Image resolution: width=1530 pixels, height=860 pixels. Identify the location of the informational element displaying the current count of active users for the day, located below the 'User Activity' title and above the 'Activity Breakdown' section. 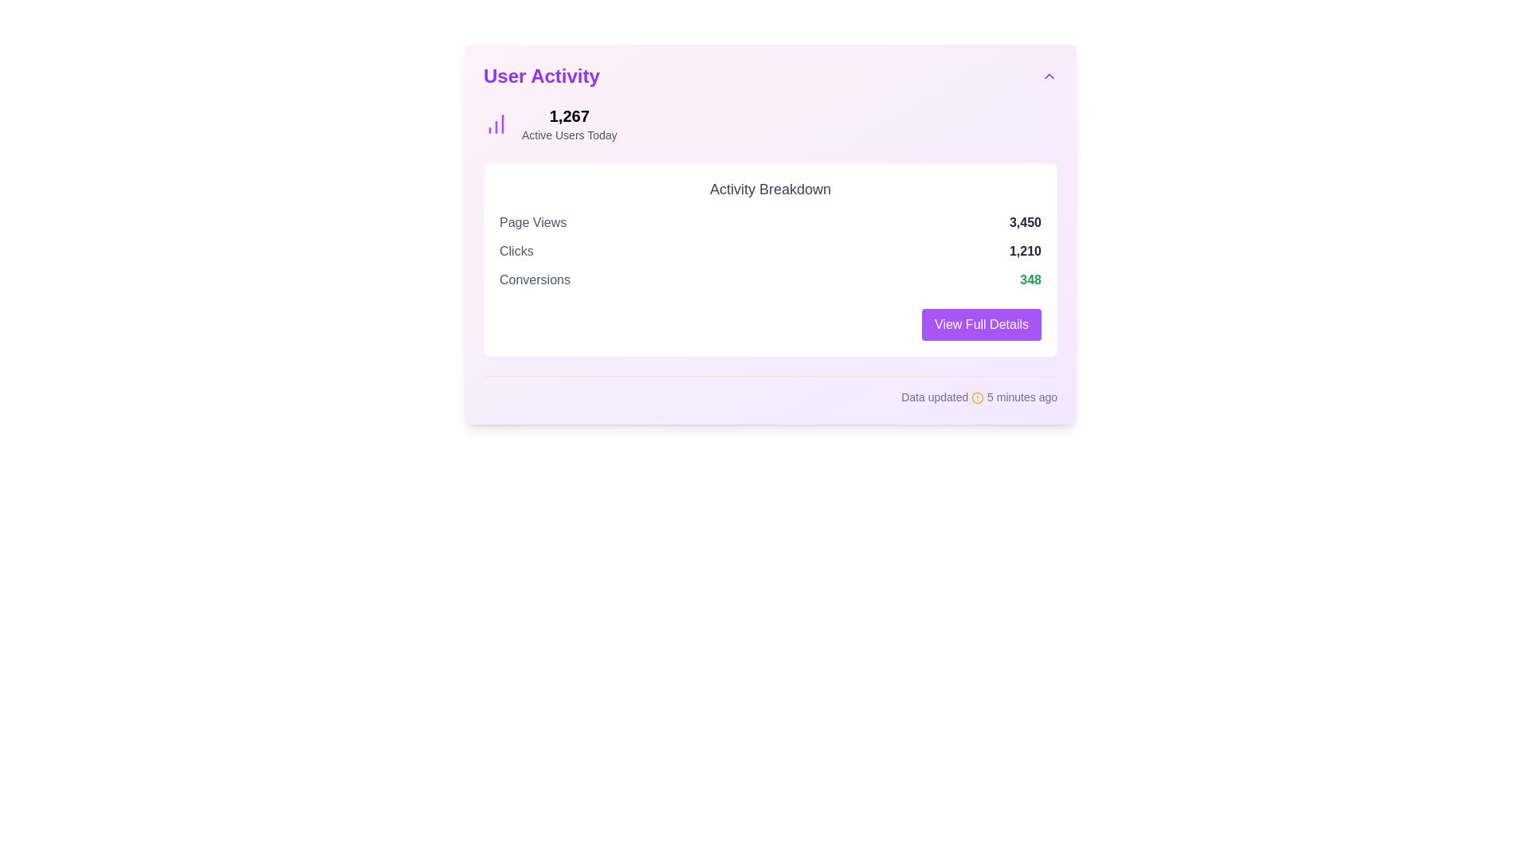
(770, 123).